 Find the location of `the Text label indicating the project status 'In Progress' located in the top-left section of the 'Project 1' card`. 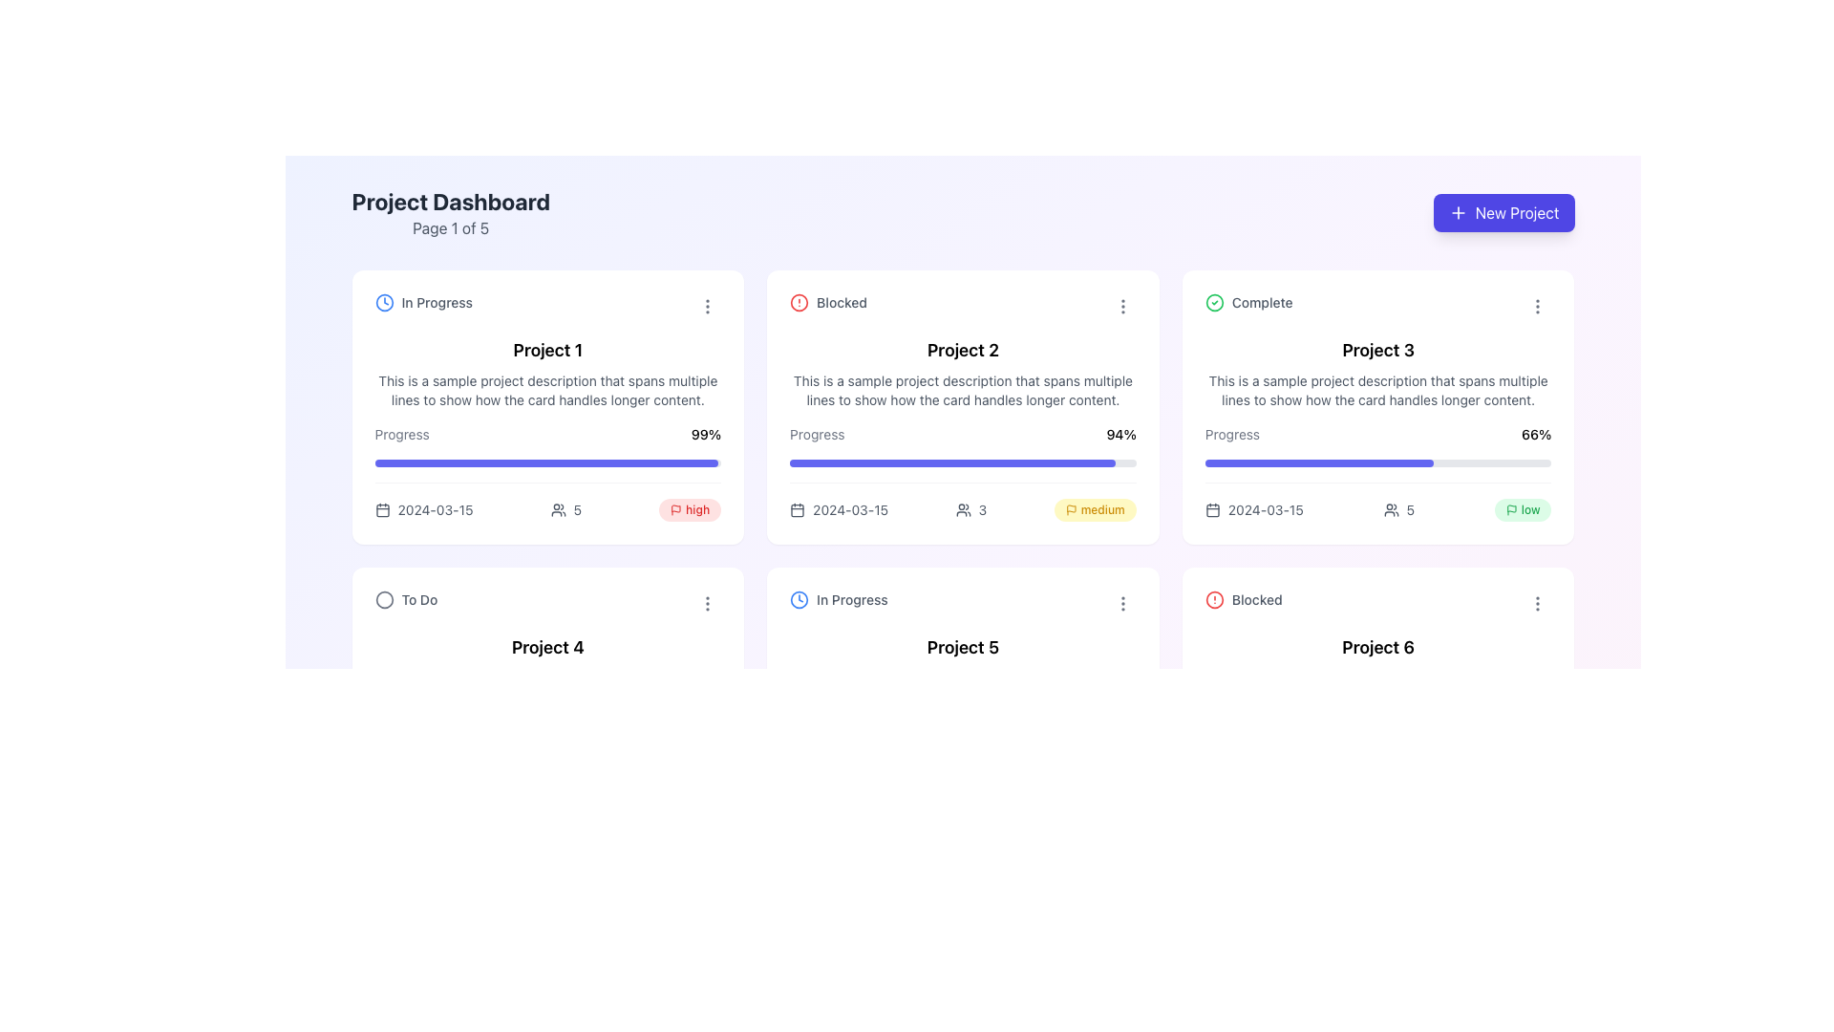

the Text label indicating the project status 'In Progress' located in the top-left section of the 'Project 1' card is located at coordinates (436, 301).